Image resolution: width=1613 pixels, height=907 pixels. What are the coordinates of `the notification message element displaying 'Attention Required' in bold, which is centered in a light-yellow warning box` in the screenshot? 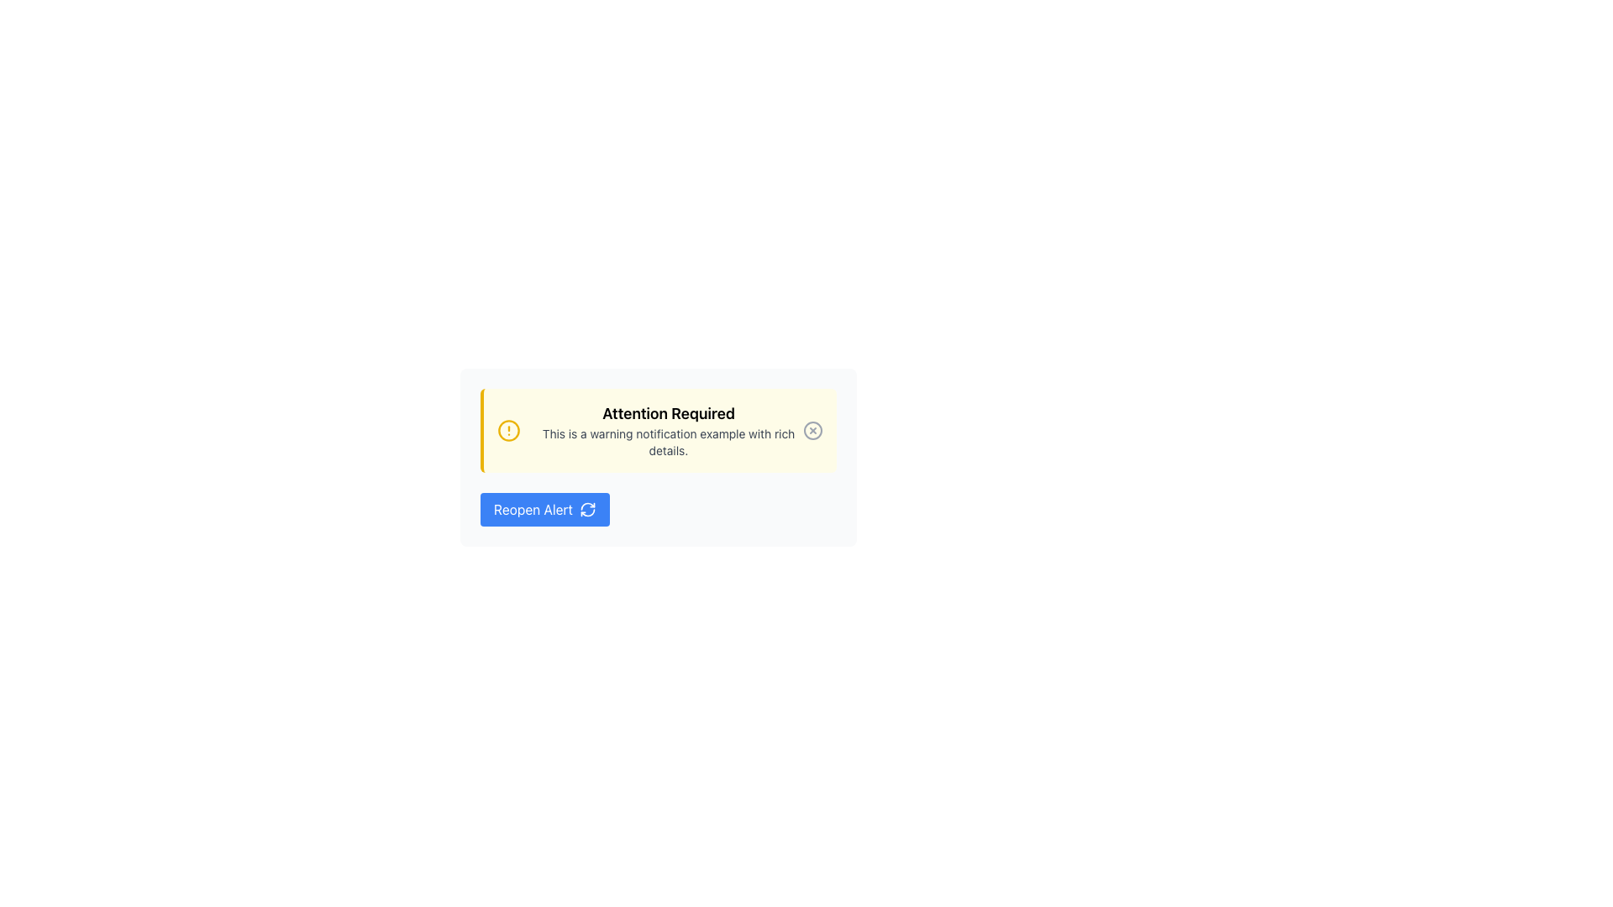 It's located at (668, 430).